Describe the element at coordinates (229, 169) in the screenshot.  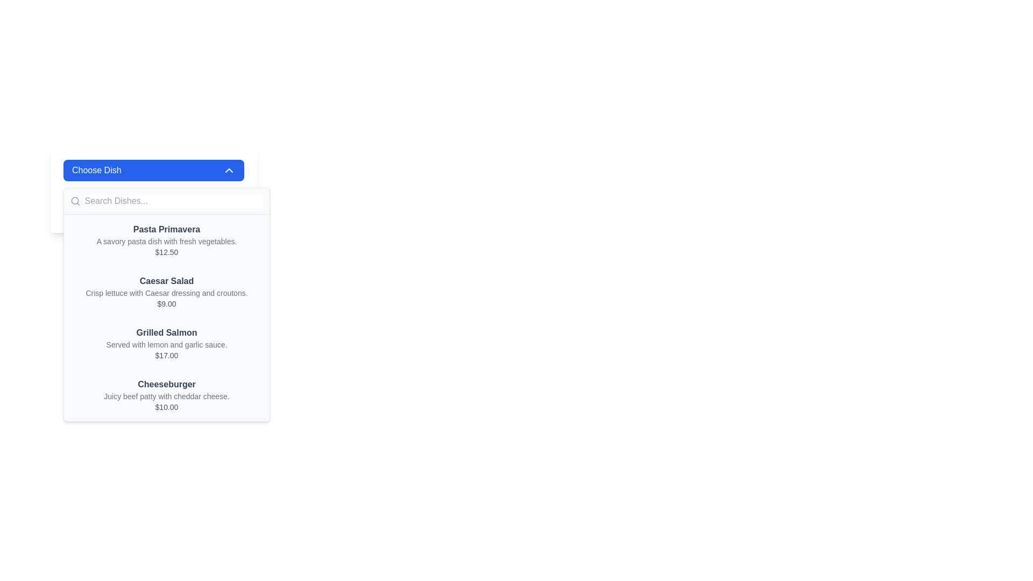
I see `the toggle icon located at the far right end of the blue rectangular bar labeled 'Choose Dish' to show or hide options in the dropdown menu` at that location.